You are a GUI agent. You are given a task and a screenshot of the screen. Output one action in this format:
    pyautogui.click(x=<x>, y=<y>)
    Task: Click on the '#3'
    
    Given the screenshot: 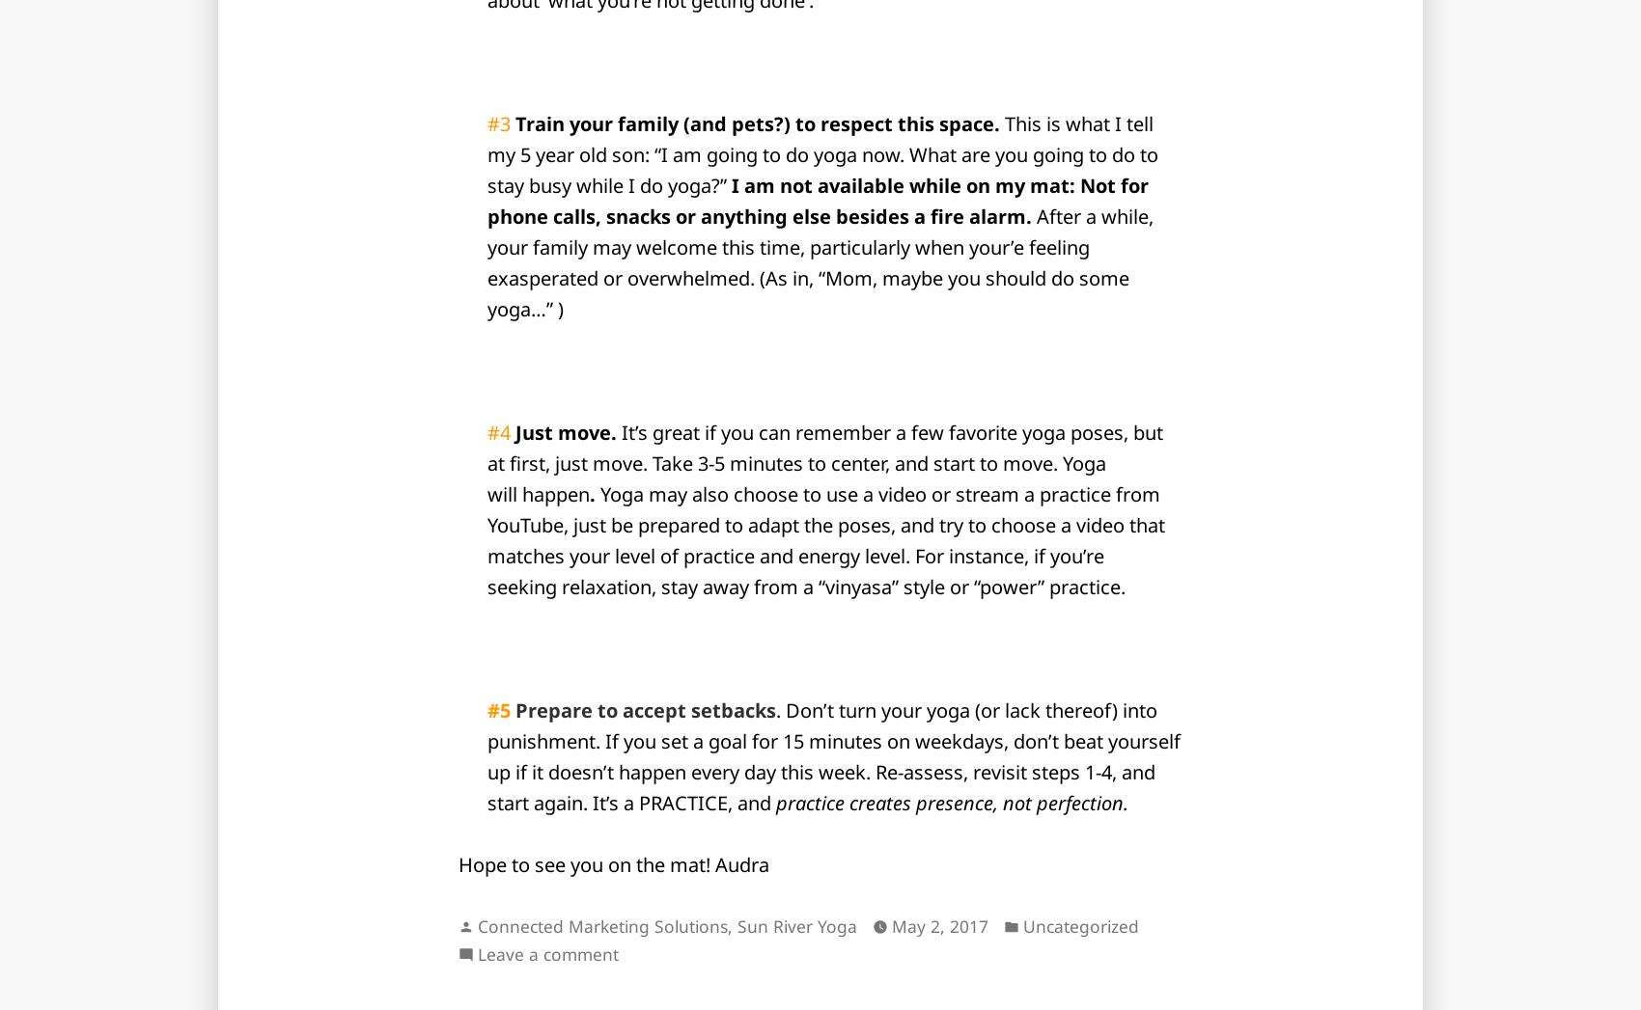 What is the action you would take?
    pyautogui.click(x=501, y=123)
    